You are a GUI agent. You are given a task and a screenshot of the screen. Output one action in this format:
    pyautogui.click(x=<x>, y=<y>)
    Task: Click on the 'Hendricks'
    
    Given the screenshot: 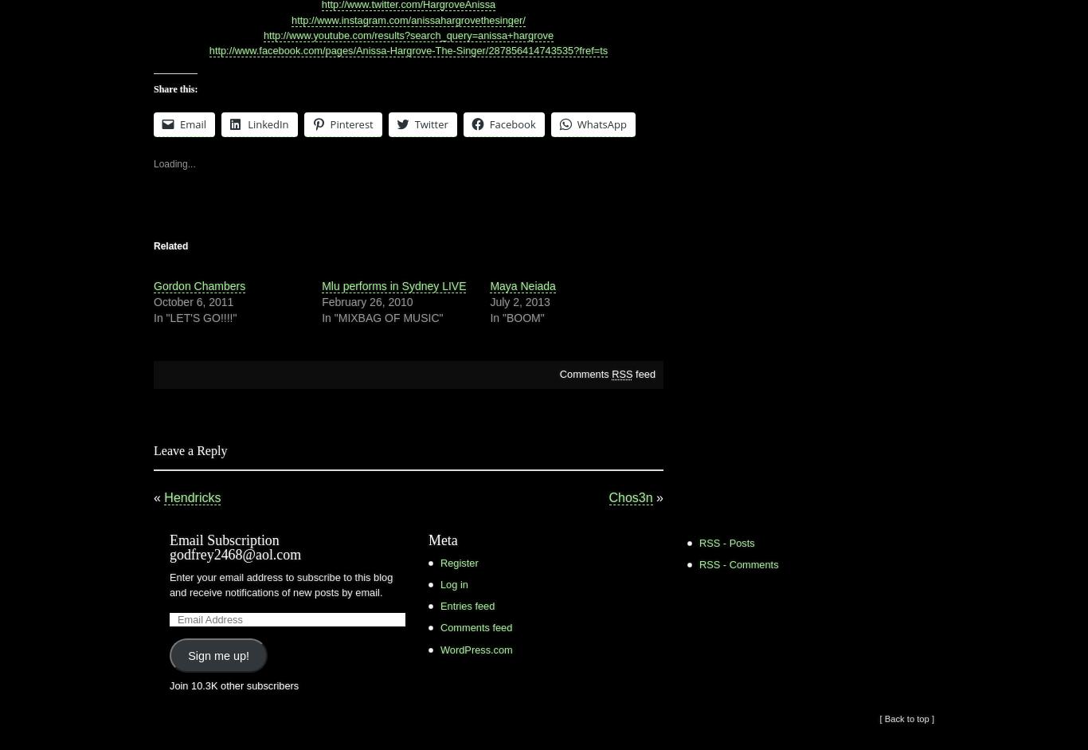 What is the action you would take?
    pyautogui.click(x=192, y=497)
    